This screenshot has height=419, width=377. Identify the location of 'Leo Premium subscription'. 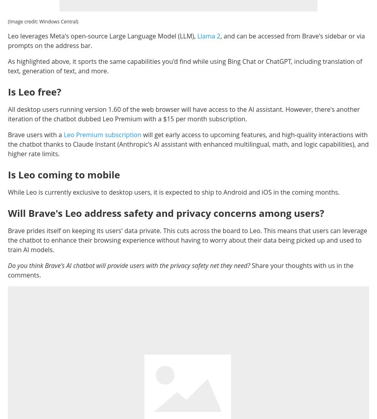
(102, 134).